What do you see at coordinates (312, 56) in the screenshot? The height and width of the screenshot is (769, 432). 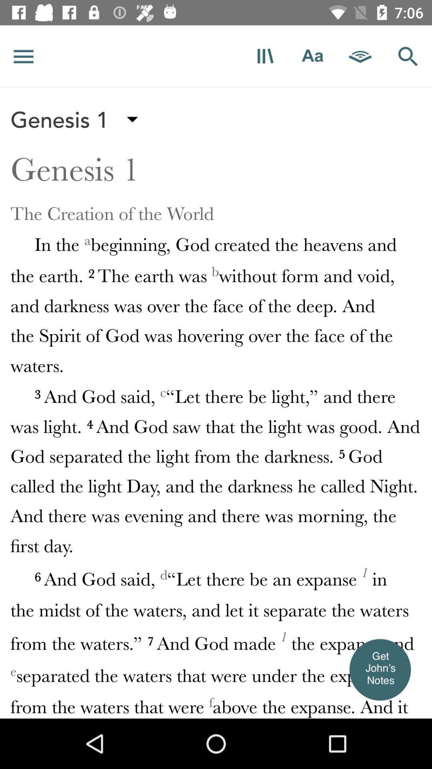 I see `increase or decrease text size` at bounding box center [312, 56].